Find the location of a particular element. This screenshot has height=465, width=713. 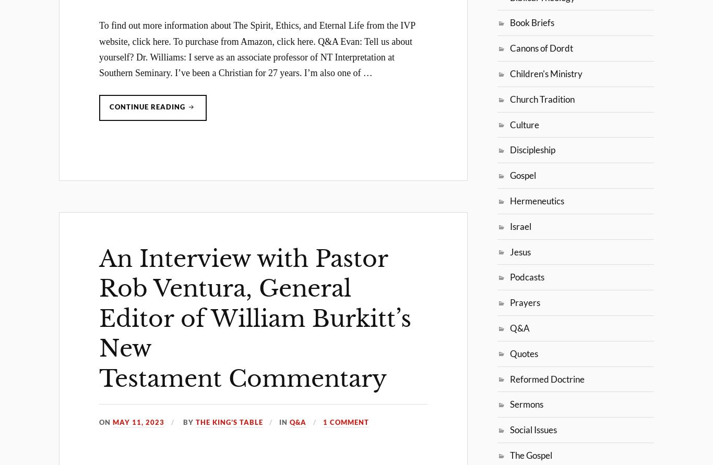

'Sermons' is located at coordinates (527, 404).